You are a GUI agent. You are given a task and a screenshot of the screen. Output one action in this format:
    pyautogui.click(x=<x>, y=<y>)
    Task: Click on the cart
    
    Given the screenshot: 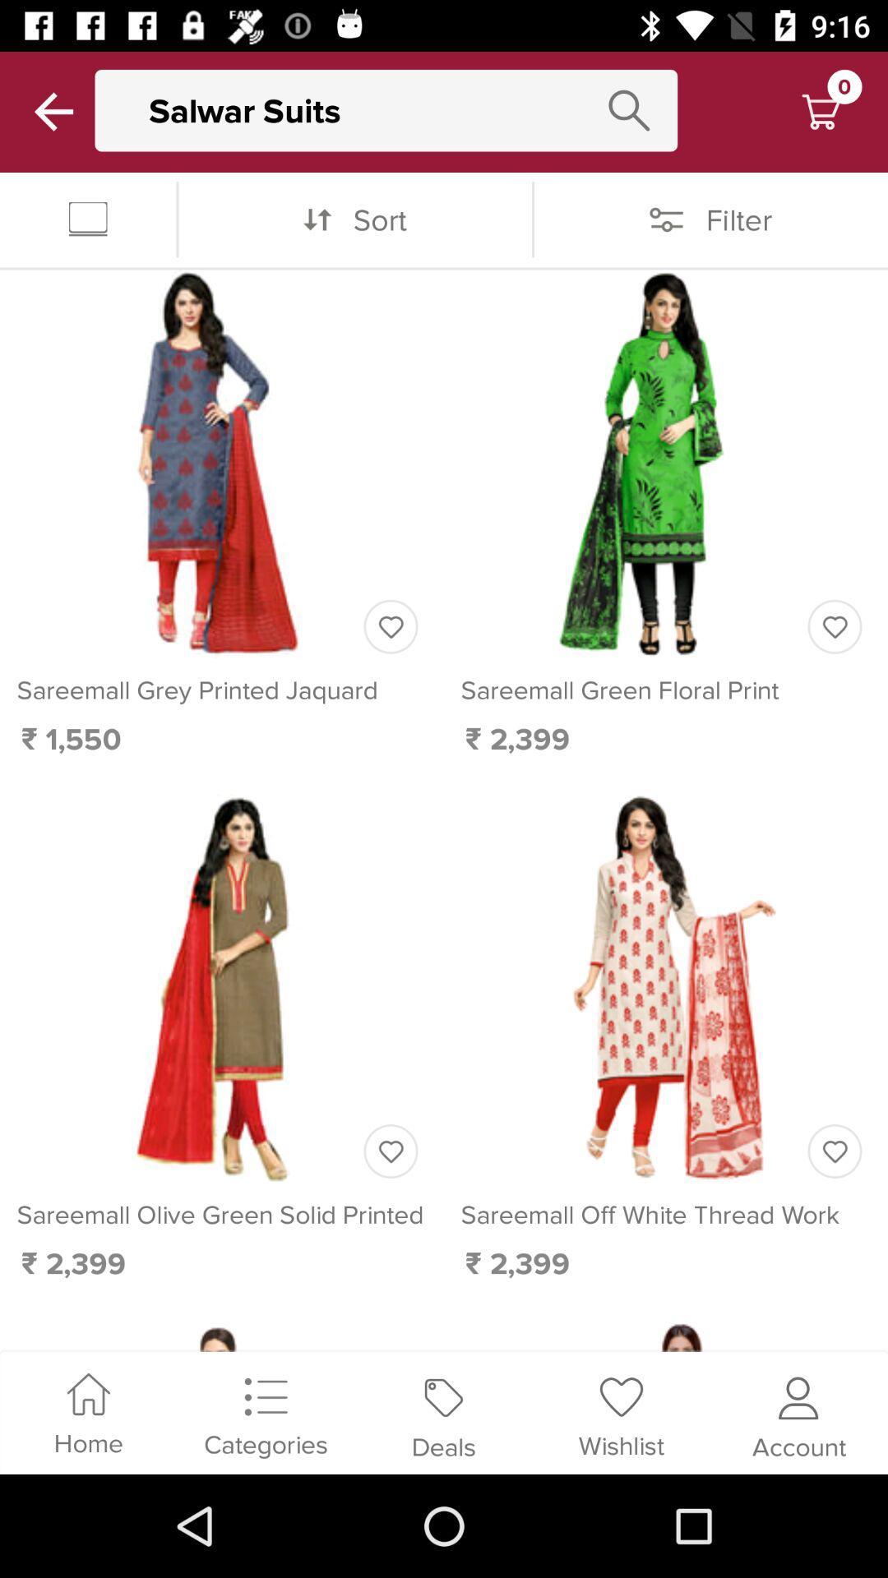 What is the action you would take?
    pyautogui.click(x=821, y=111)
    